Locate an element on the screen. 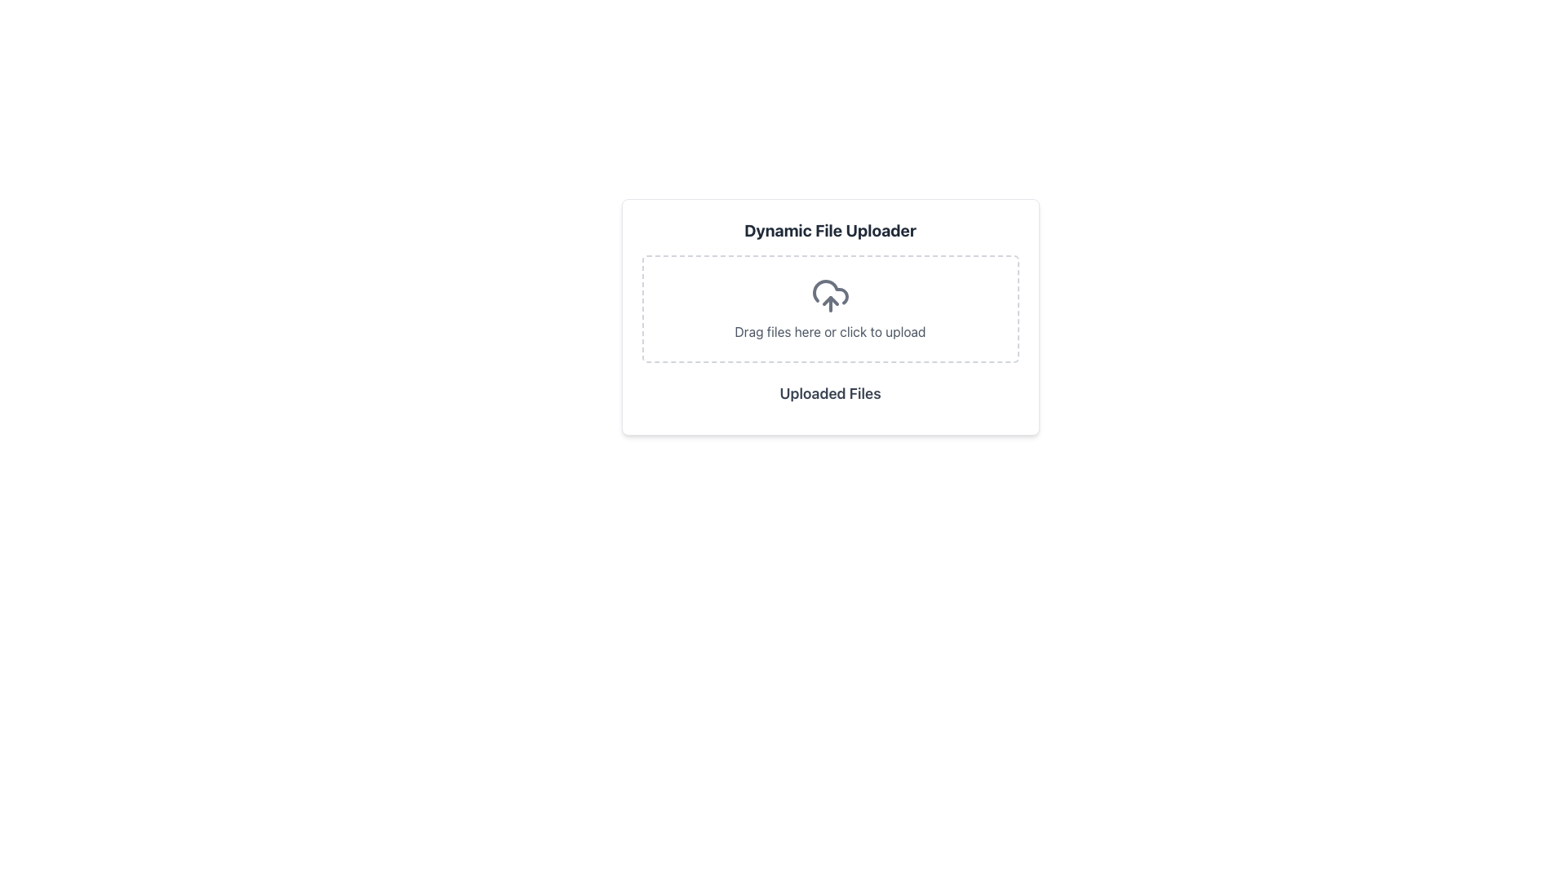  the cloud upload icon with a gray design featuring an upward arrow, located centrally within the upload interface is located at coordinates (830, 295).